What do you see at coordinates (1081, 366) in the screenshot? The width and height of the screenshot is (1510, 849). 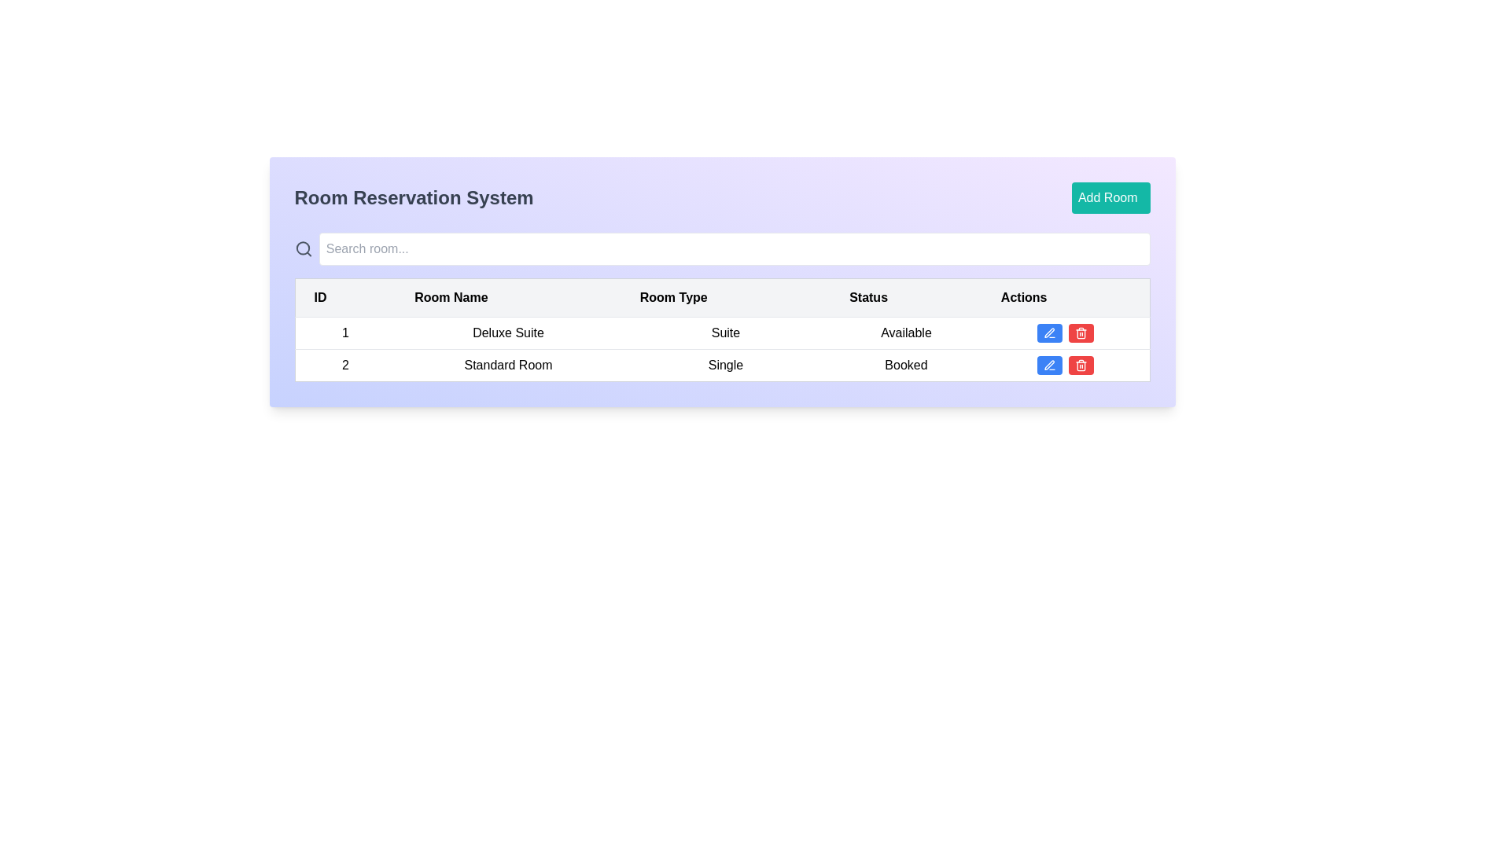 I see `the trash bin icon located in the 'Actions' column of the second row` at bounding box center [1081, 366].